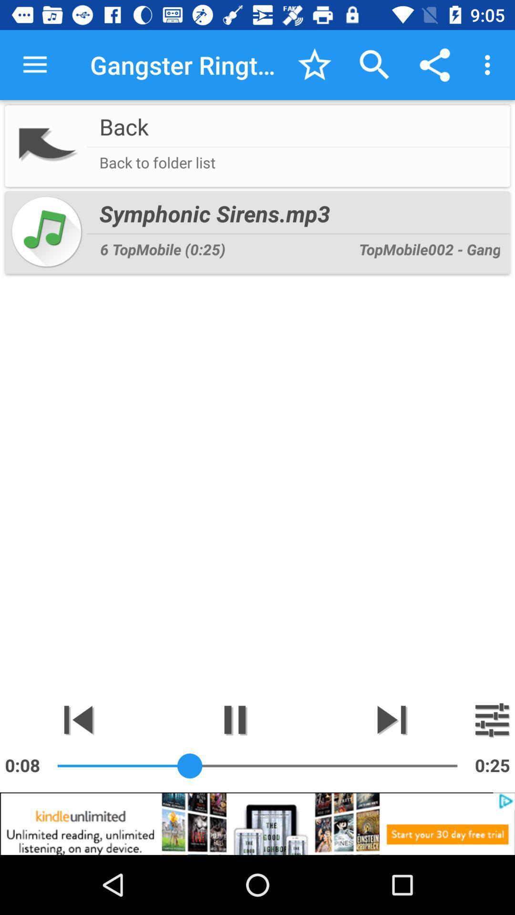 This screenshot has width=515, height=915. What do you see at coordinates (492, 720) in the screenshot?
I see `the sliders icon` at bounding box center [492, 720].